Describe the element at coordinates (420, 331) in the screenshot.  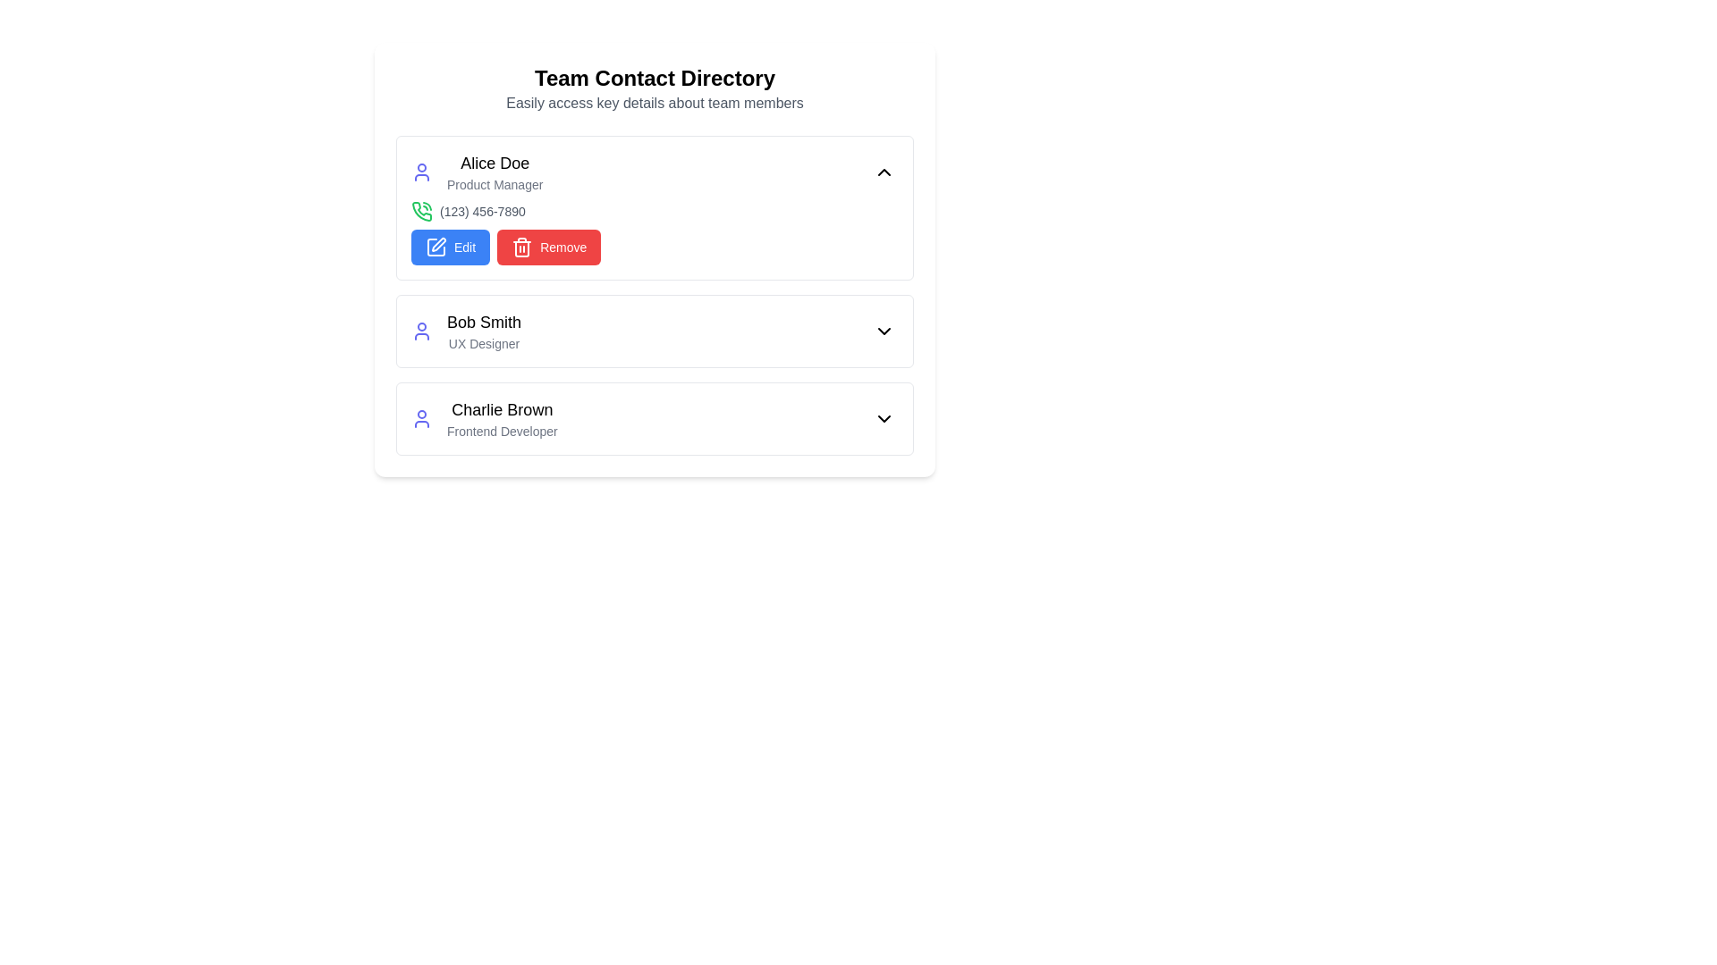
I see `the User avatar icon (SVG) representing 'Bob Smith' in the contact entry, which is positioned to the left of the text 'Bob Smith UX Designer'` at that location.